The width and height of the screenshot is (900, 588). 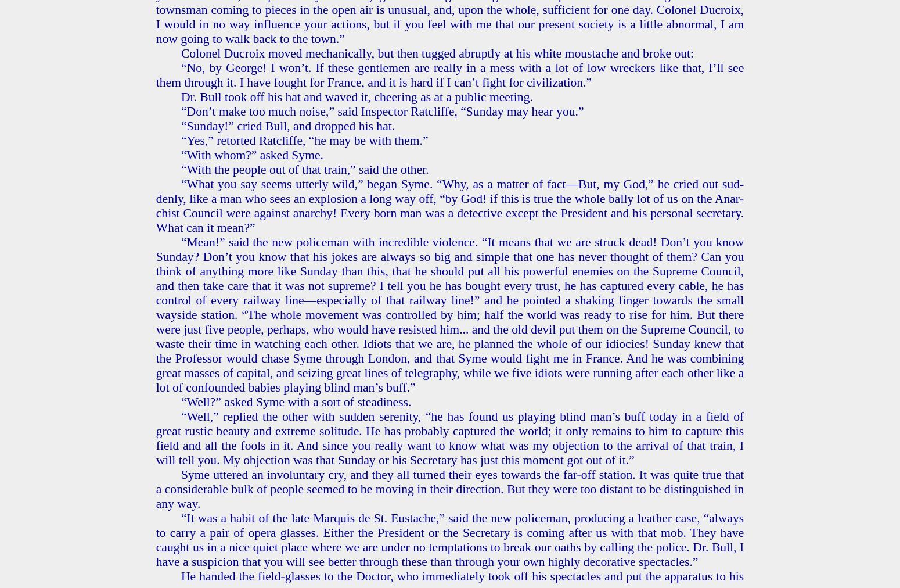 What do you see at coordinates (304, 168) in the screenshot?
I see `'“With the peo­ple out of that train,” said the other.'` at bounding box center [304, 168].